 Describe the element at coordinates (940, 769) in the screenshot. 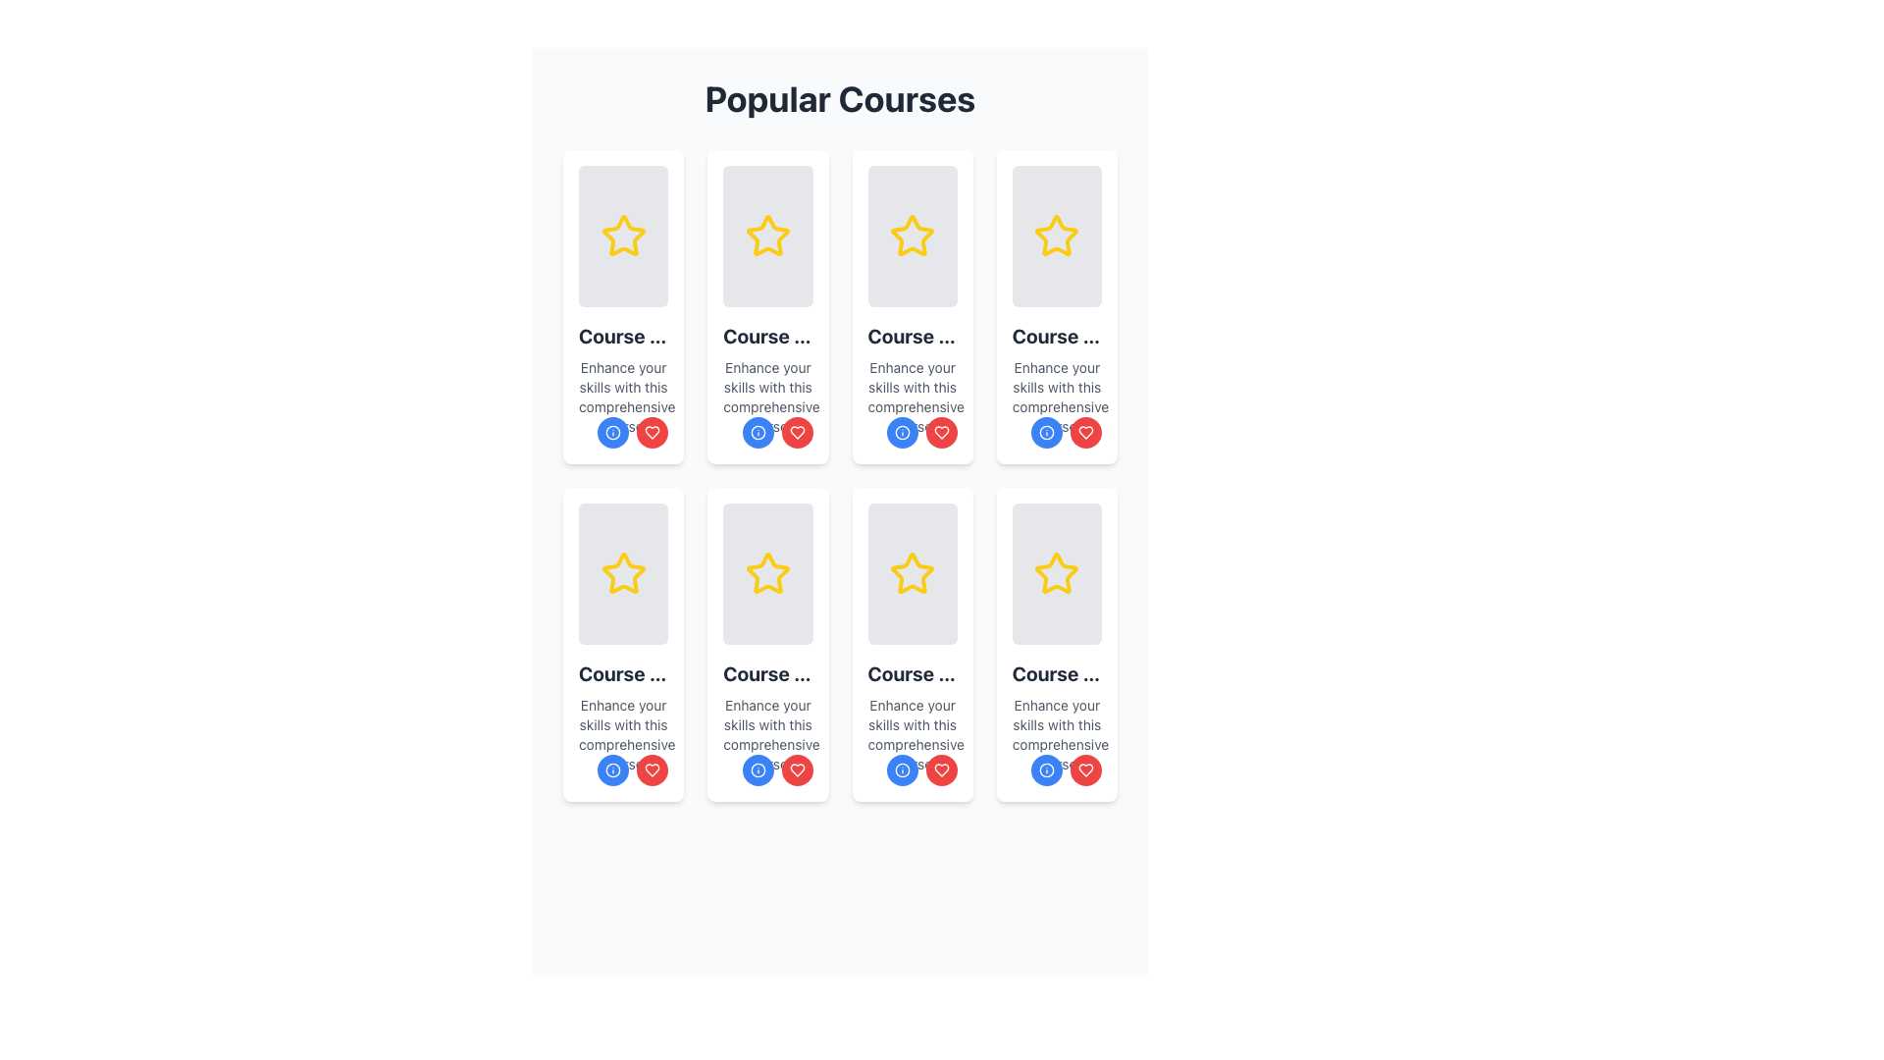

I see `the heart icon button located in the bottom-right of the course card to mark the item as favorite or unfavorite` at that location.